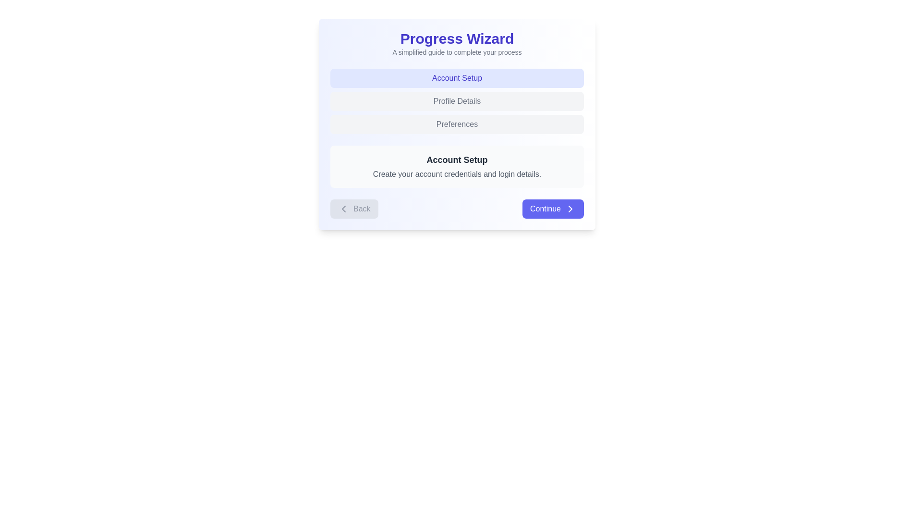  What do you see at coordinates (570, 209) in the screenshot?
I see `the arrow-like icon located on the right side of the blue 'Continue' button, which serves as a directional indicator for progressing within the interface` at bounding box center [570, 209].